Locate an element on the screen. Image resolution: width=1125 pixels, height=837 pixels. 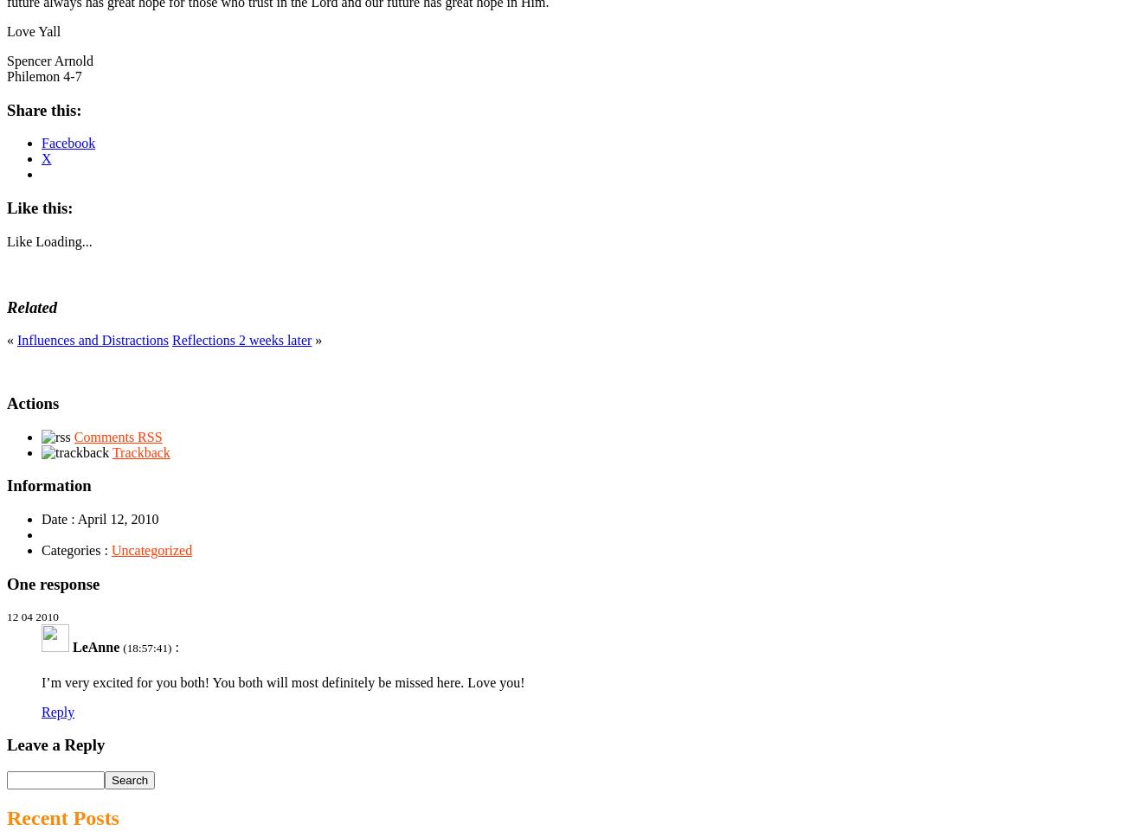
'X' is located at coordinates (45, 158).